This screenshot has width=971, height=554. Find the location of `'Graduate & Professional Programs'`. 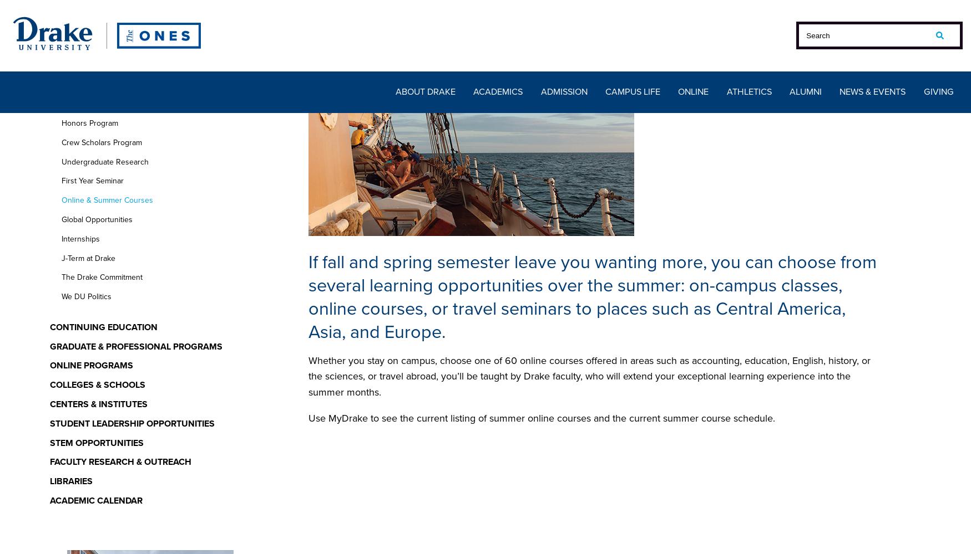

'Graduate & Professional Programs' is located at coordinates (49, 345).